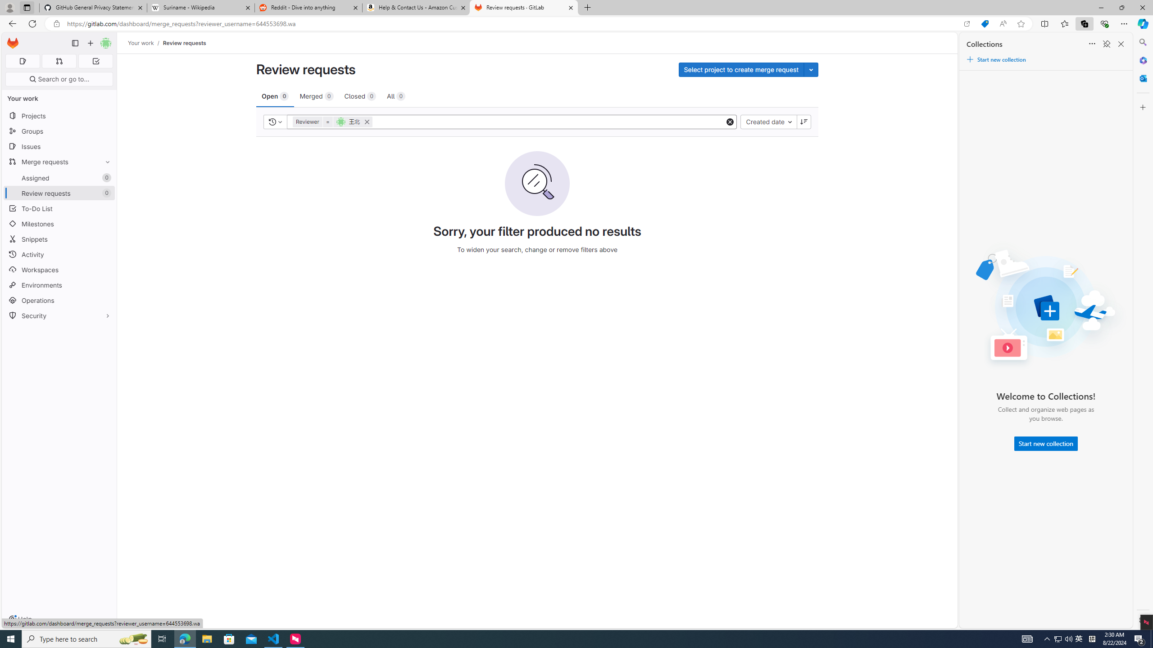 The image size is (1153, 648). I want to click on 'Created date', so click(768, 121).